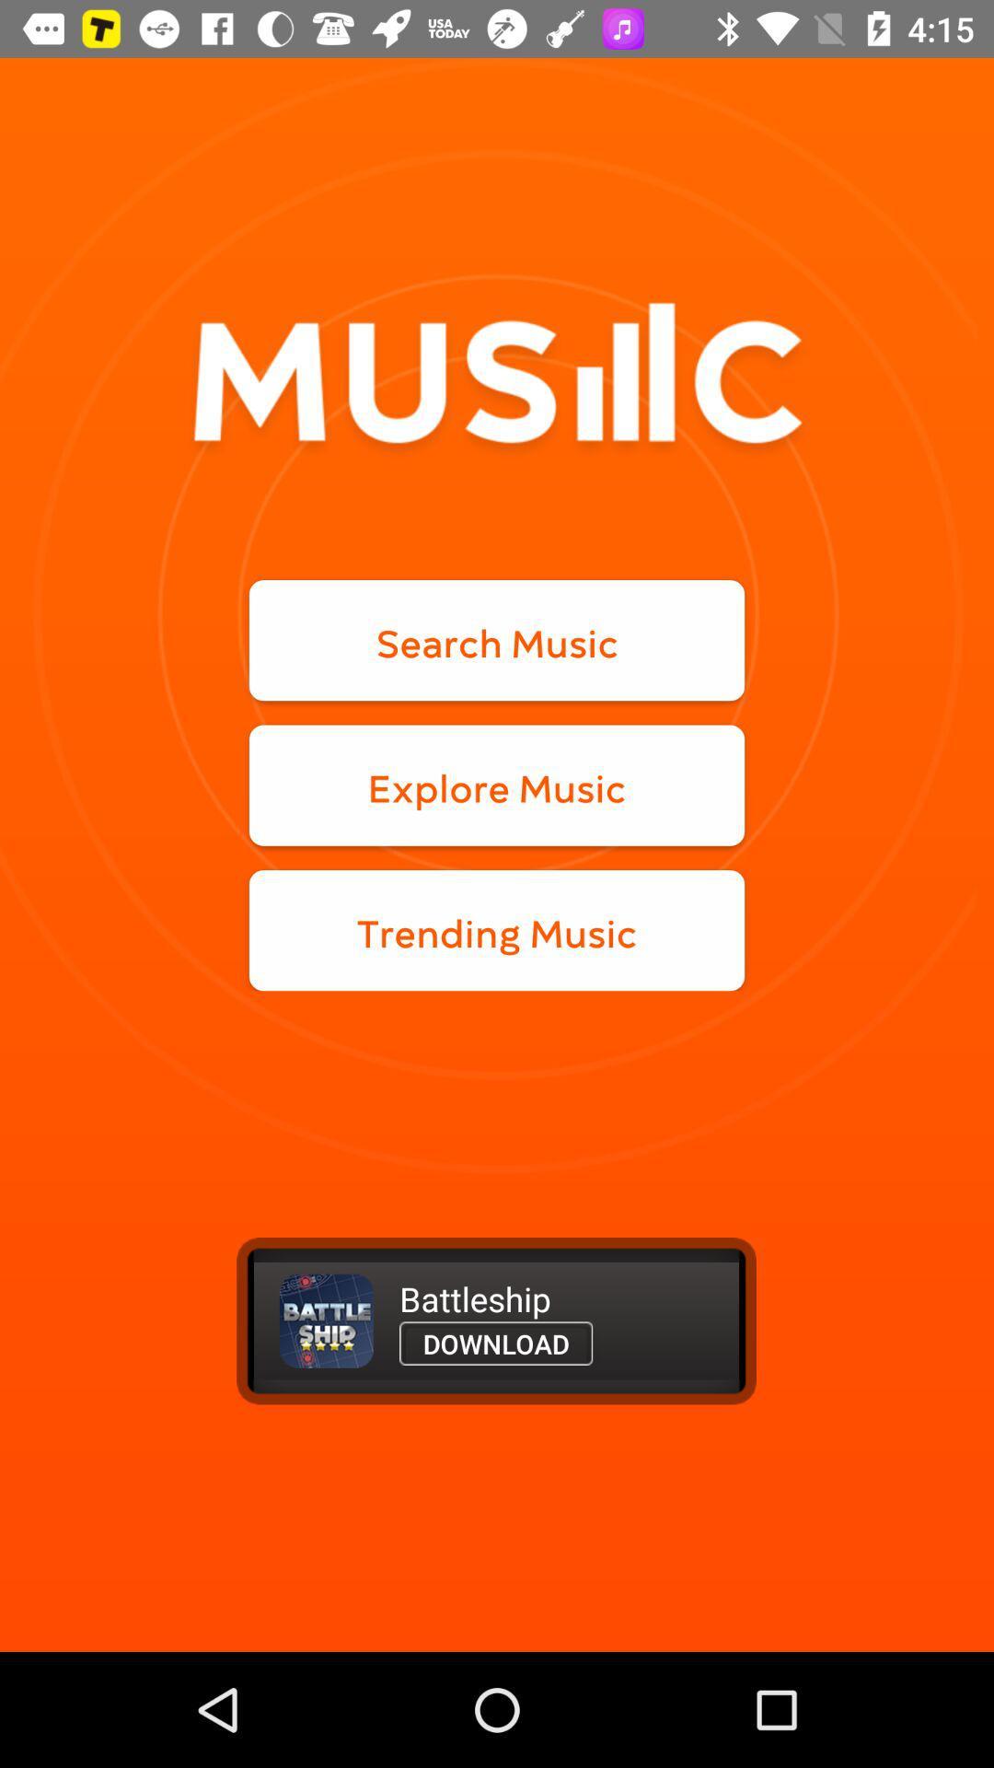  What do you see at coordinates (497, 640) in the screenshot?
I see `search music` at bounding box center [497, 640].